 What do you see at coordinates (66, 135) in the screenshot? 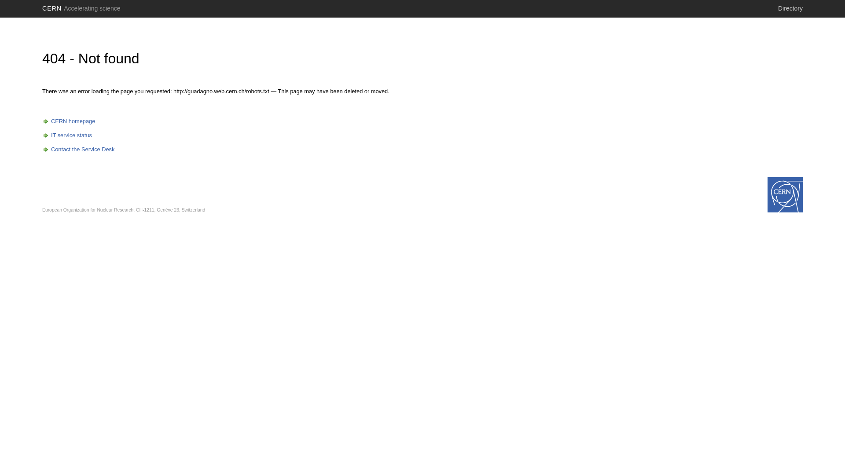
I see `'IT service status'` at bounding box center [66, 135].